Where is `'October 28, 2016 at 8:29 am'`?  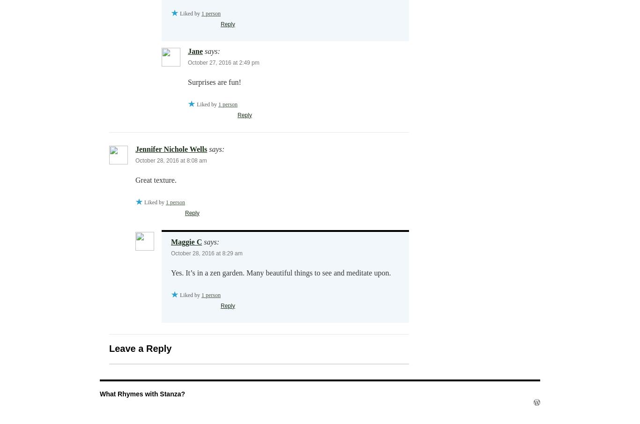
'October 28, 2016 at 8:29 am' is located at coordinates (206, 253).